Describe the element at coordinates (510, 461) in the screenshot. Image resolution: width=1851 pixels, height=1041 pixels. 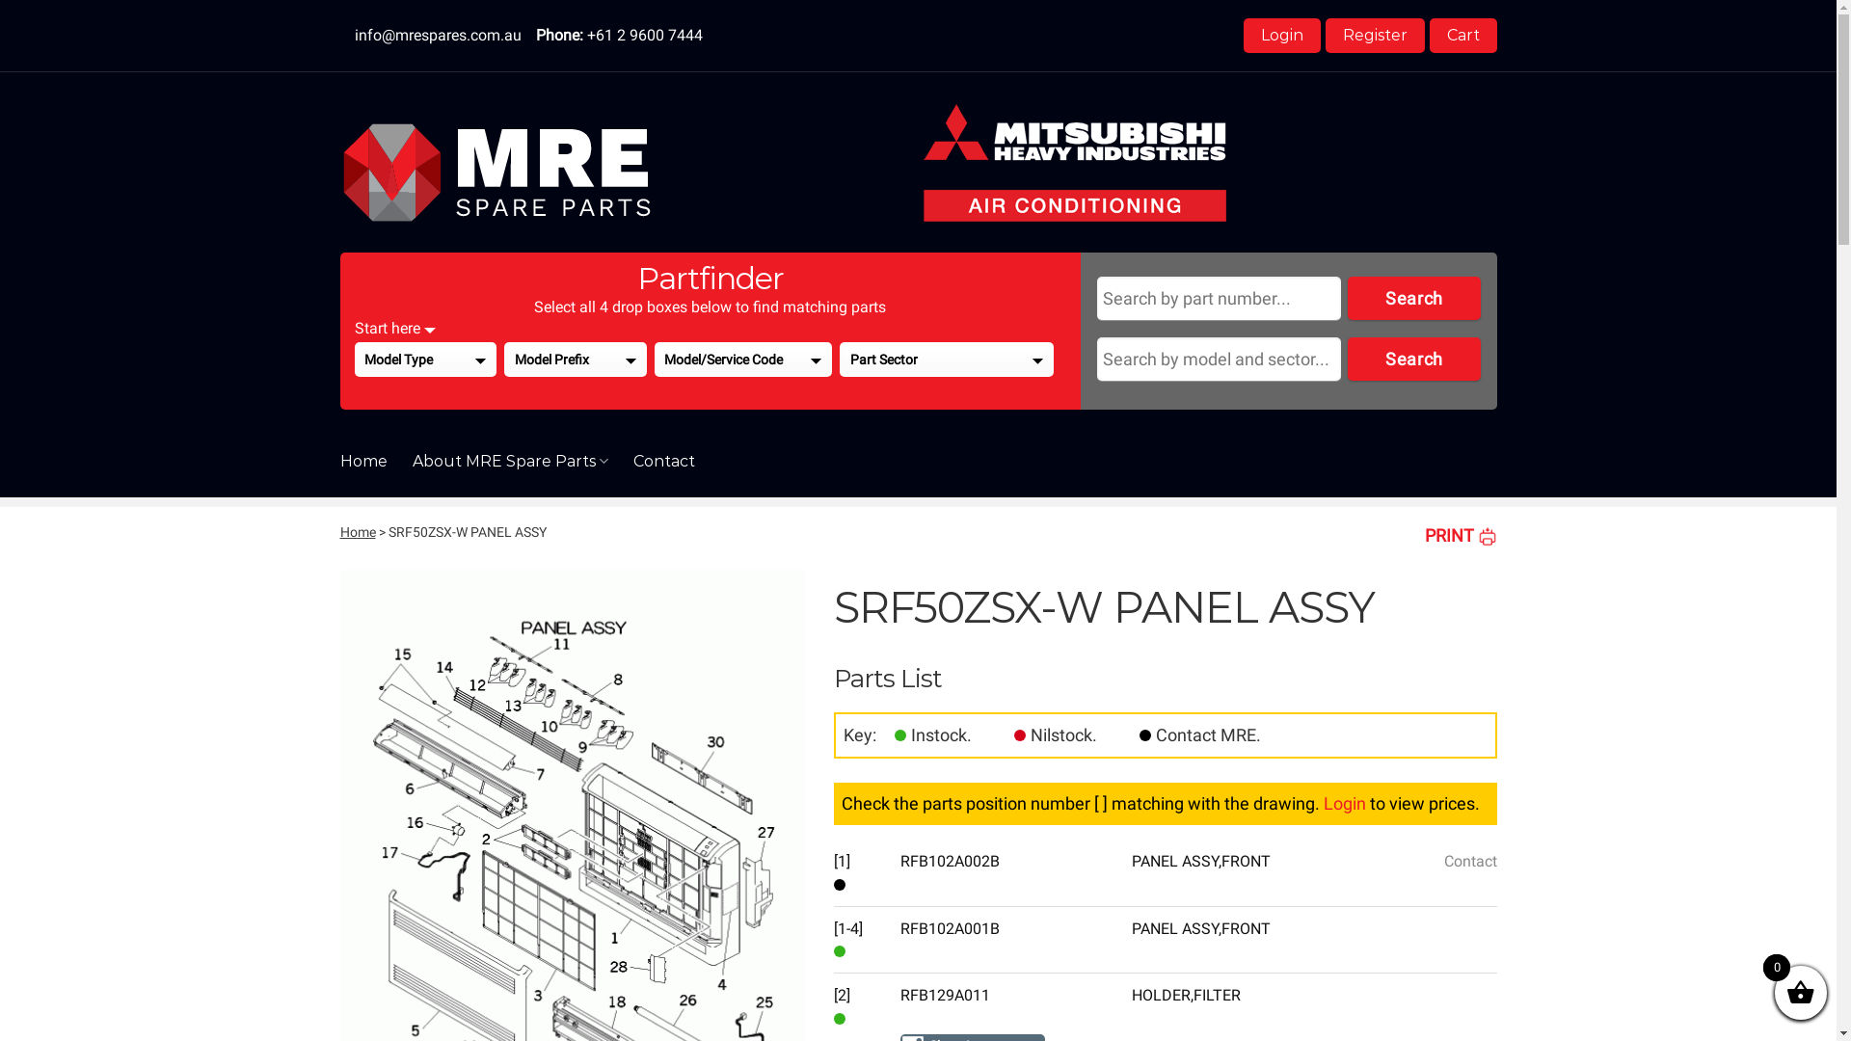
I see `'About MRE Spare Parts'` at that location.